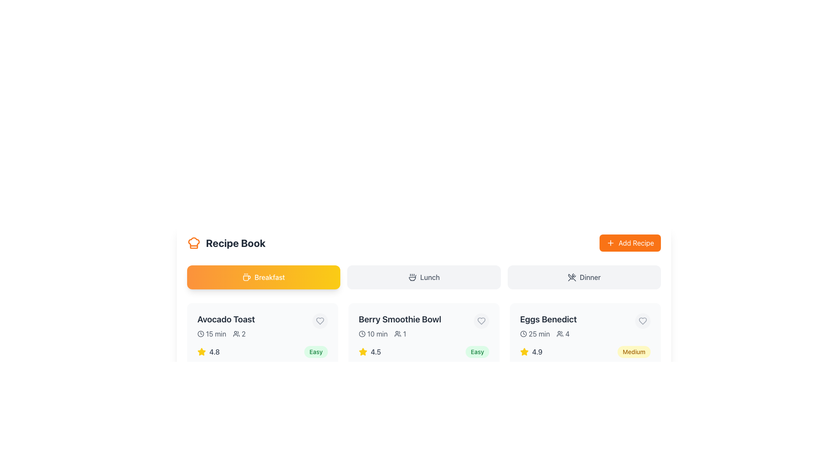 Image resolution: width=824 pixels, height=463 pixels. What do you see at coordinates (400, 334) in the screenshot?
I see `the serving size indicator text element located within the 'Berry Smoothie Bowl' card, specifically the second metadata item beneath the recipe title` at bounding box center [400, 334].